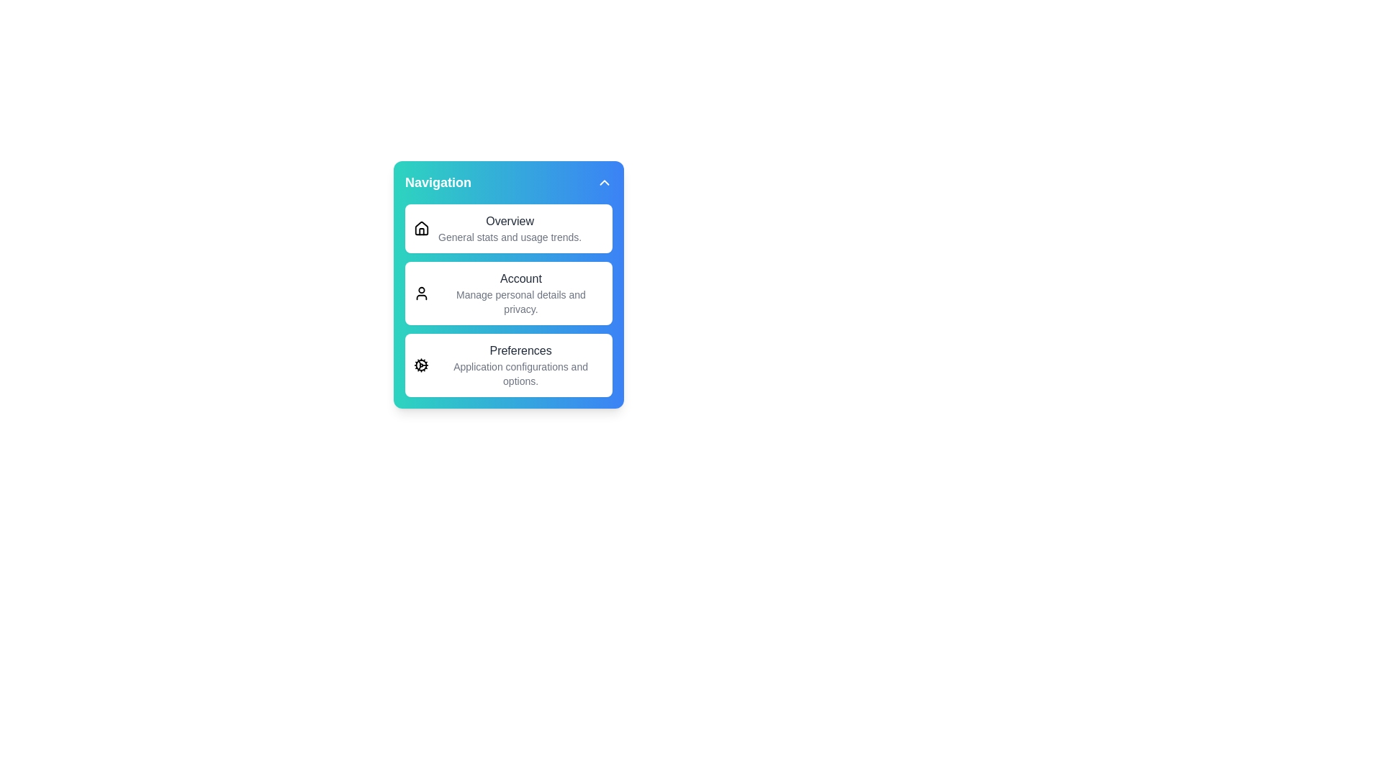  I want to click on the menu item labeled Preferences, so click(508, 365).